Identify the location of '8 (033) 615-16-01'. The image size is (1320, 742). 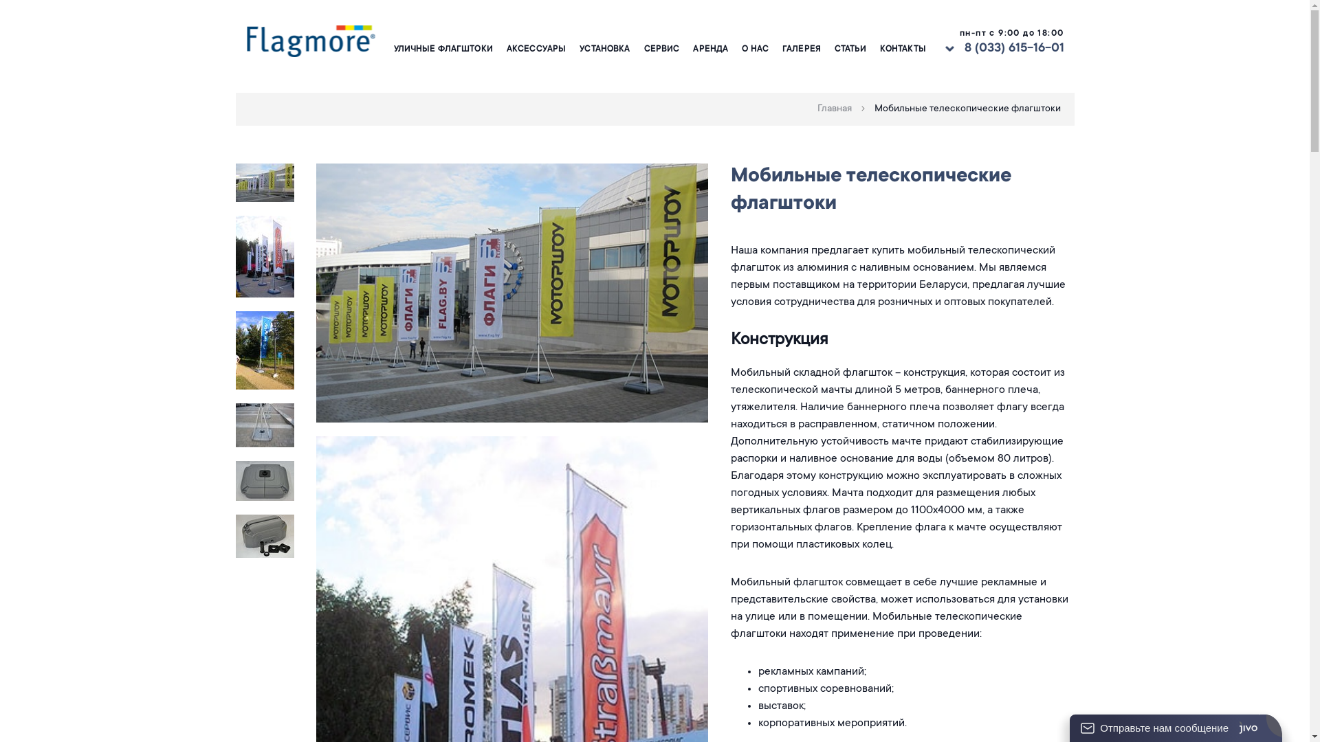
(1013, 48).